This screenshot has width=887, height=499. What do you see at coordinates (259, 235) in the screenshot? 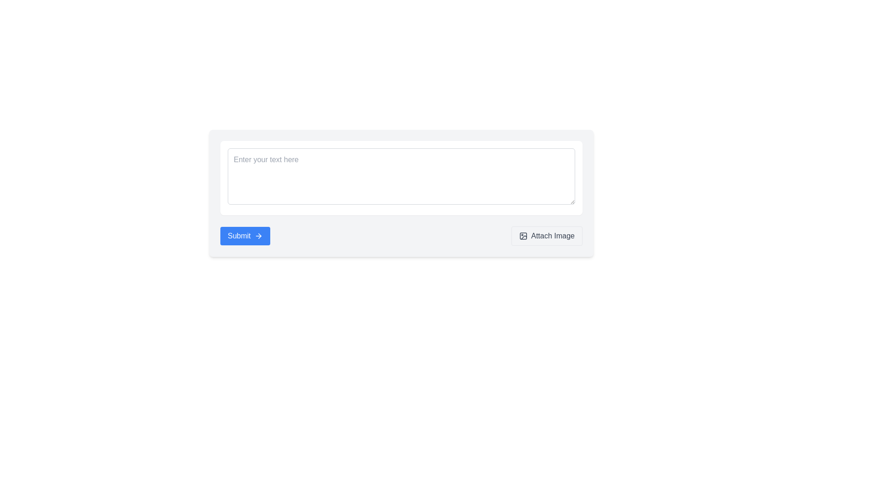
I see `the triangular part of the arrow icon on the right end of the 'Submit' button, which visually represents the 'forward' or 'submission' action` at bounding box center [259, 235].